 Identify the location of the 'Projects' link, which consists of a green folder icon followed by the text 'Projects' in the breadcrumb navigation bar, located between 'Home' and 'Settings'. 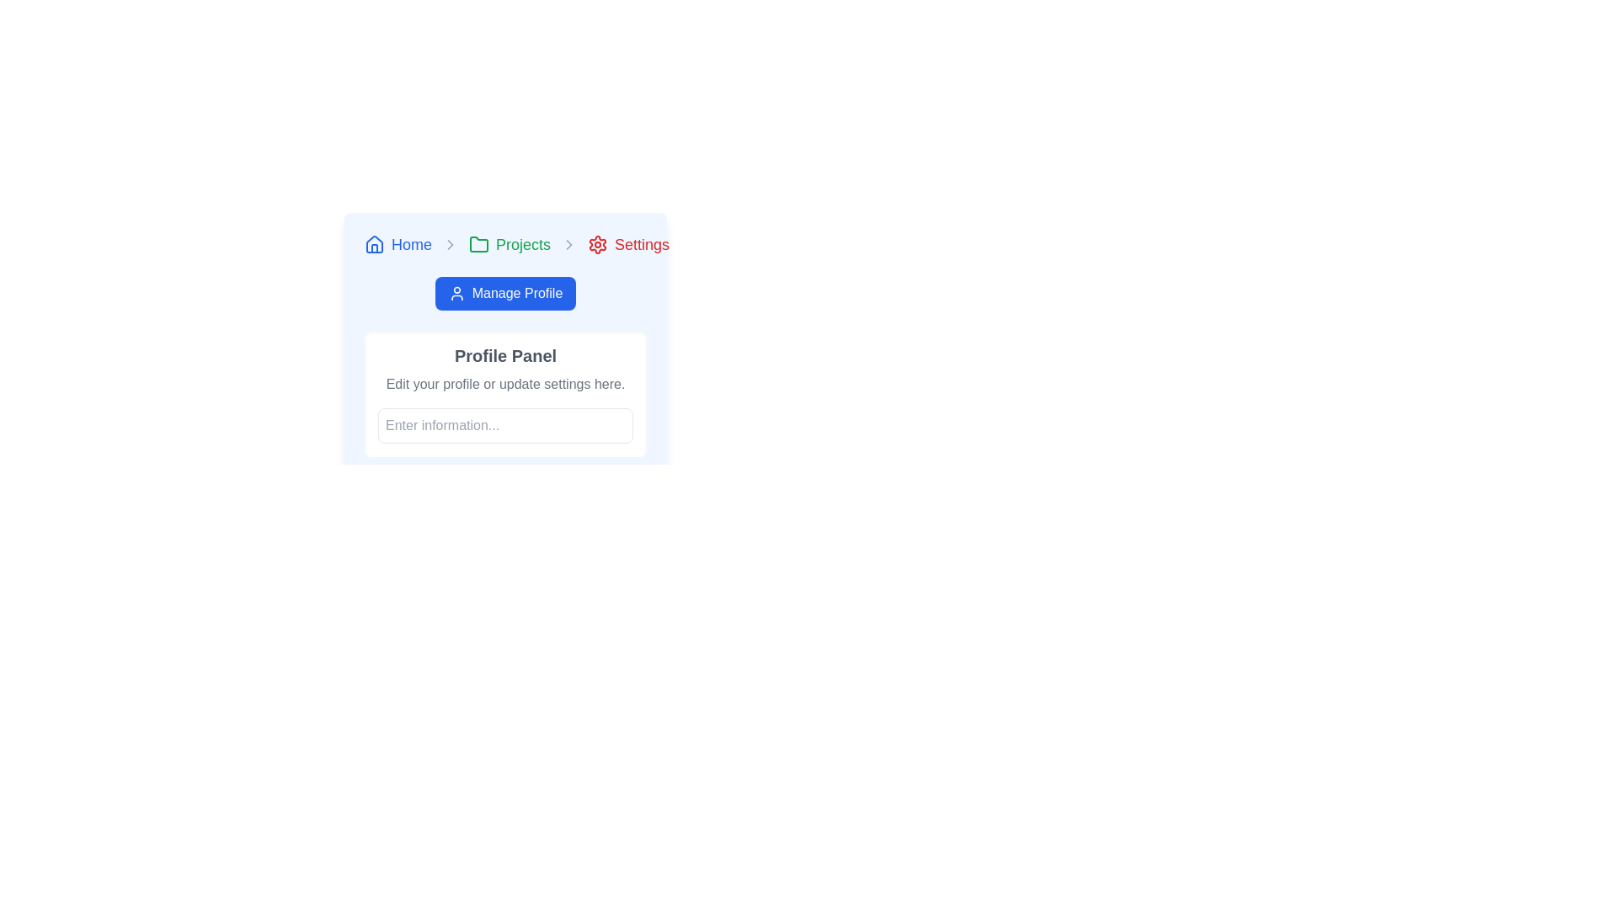
(509, 244).